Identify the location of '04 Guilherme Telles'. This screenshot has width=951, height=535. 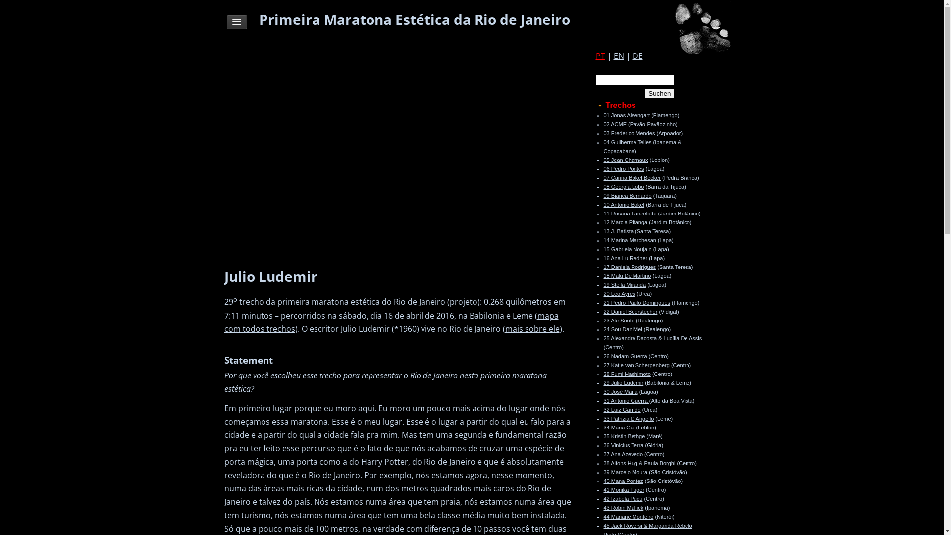
(627, 142).